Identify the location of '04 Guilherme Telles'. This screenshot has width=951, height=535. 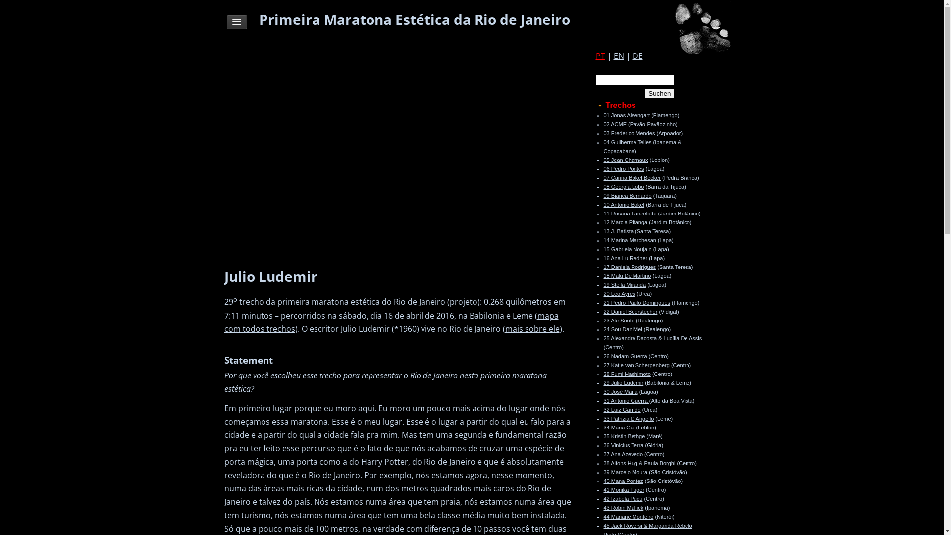
(627, 142).